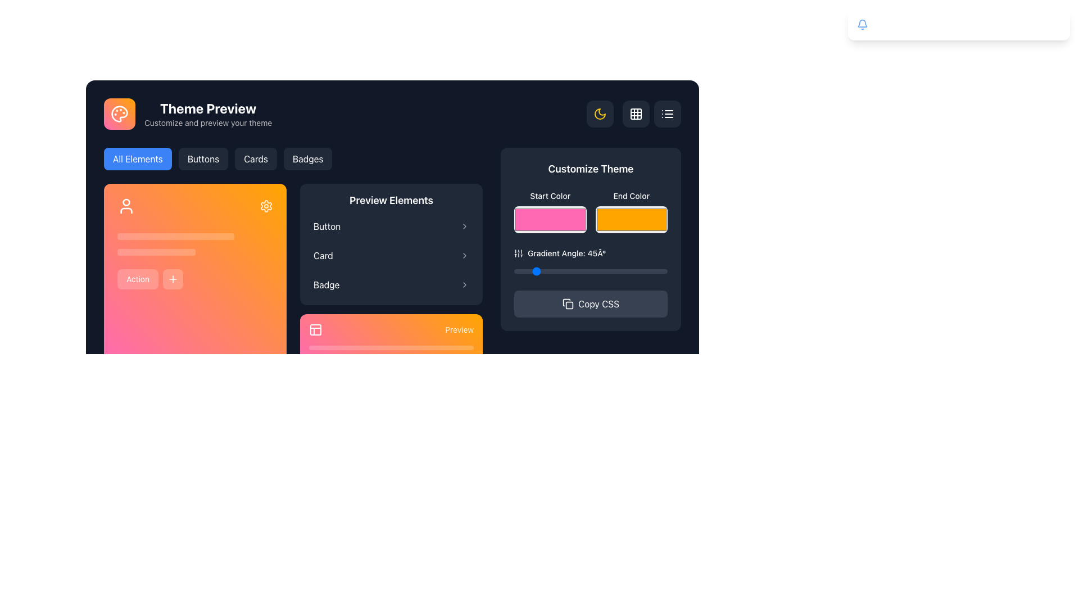 This screenshot has width=1079, height=607. Describe the element at coordinates (323, 256) in the screenshot. I see `the content of the 'Card' text label, which is the second item in the 'Preview Elements' section, located beneath the 'Button' label and above the 'Badge' label` at that location.